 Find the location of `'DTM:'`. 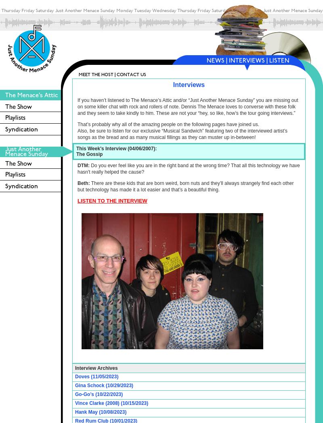

'DTM:' is located at coordinates (77, 165).